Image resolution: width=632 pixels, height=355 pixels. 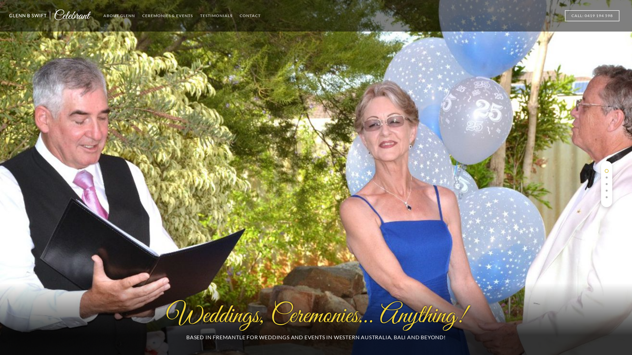 What do you see at coordinates (592, 20) in the screenshot?
I see `'CALL: 0419 194 598'` at bounding box center [592, 20].